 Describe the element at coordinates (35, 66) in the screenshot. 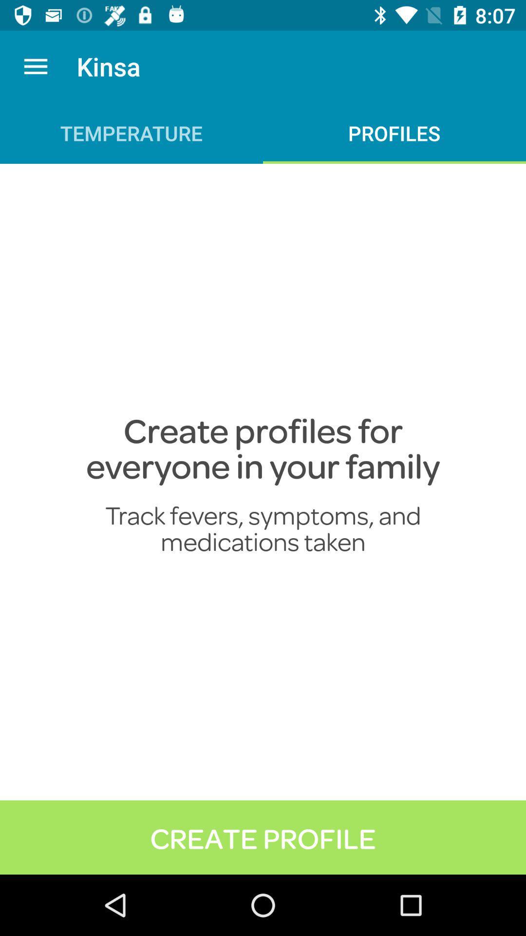

I see `the item above temperature` at that location.